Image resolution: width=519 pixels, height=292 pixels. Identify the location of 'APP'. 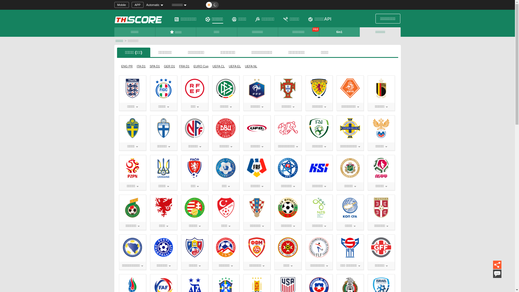
(137, 5).